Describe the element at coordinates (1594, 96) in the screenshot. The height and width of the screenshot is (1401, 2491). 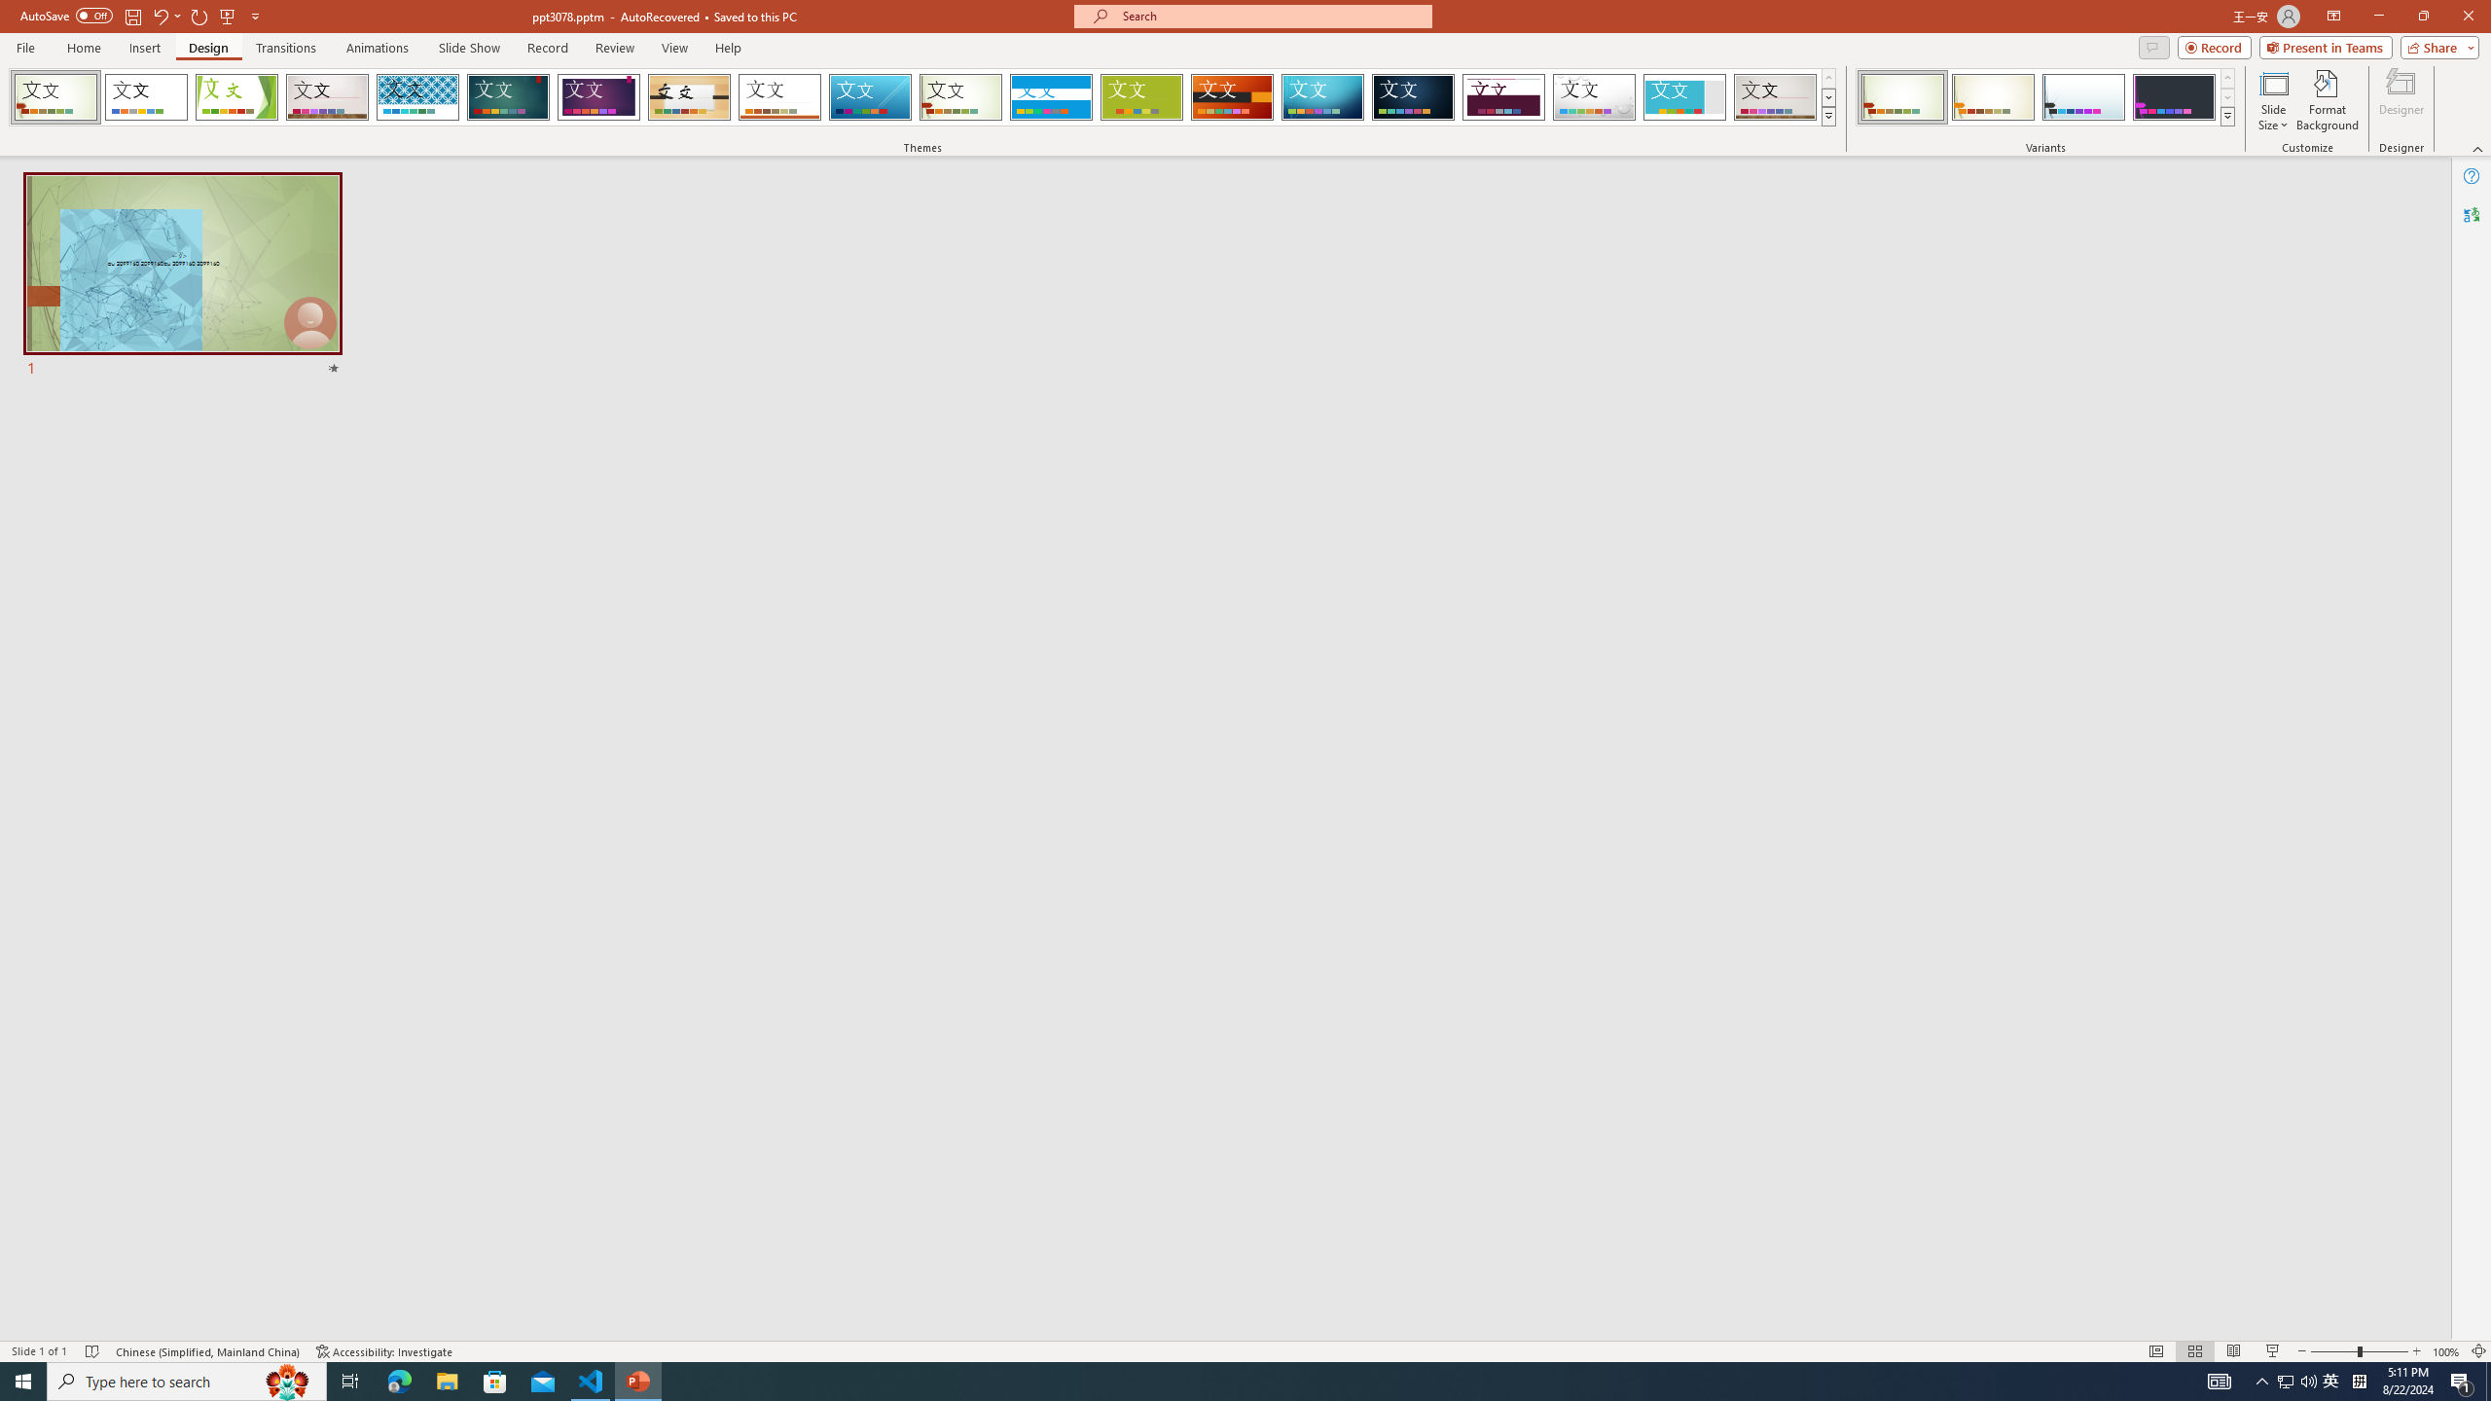
I see `'Droplet'` at that location.